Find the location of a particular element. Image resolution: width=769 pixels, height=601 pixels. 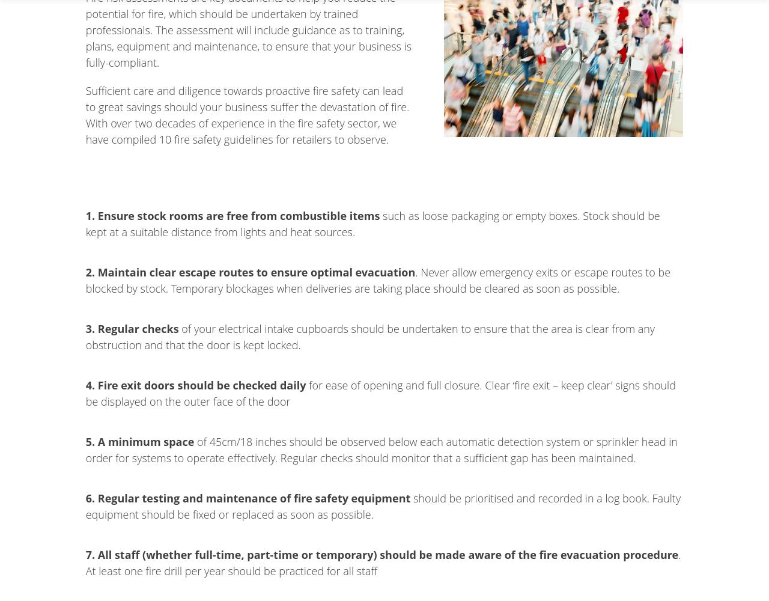

'1. Ensure stock rooms are free from combustible items' is located at coordinates (84, 215).